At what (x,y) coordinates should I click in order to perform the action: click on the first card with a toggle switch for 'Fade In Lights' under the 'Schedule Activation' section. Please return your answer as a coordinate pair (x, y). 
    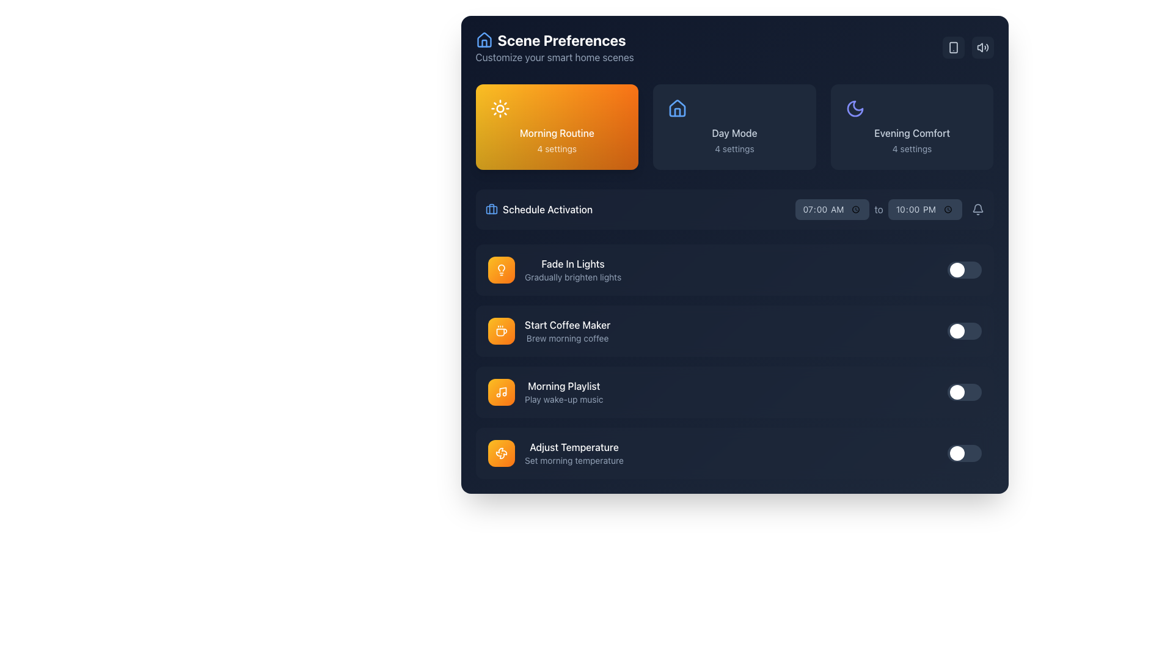
    Looking at the image, I should click on (734, 269).